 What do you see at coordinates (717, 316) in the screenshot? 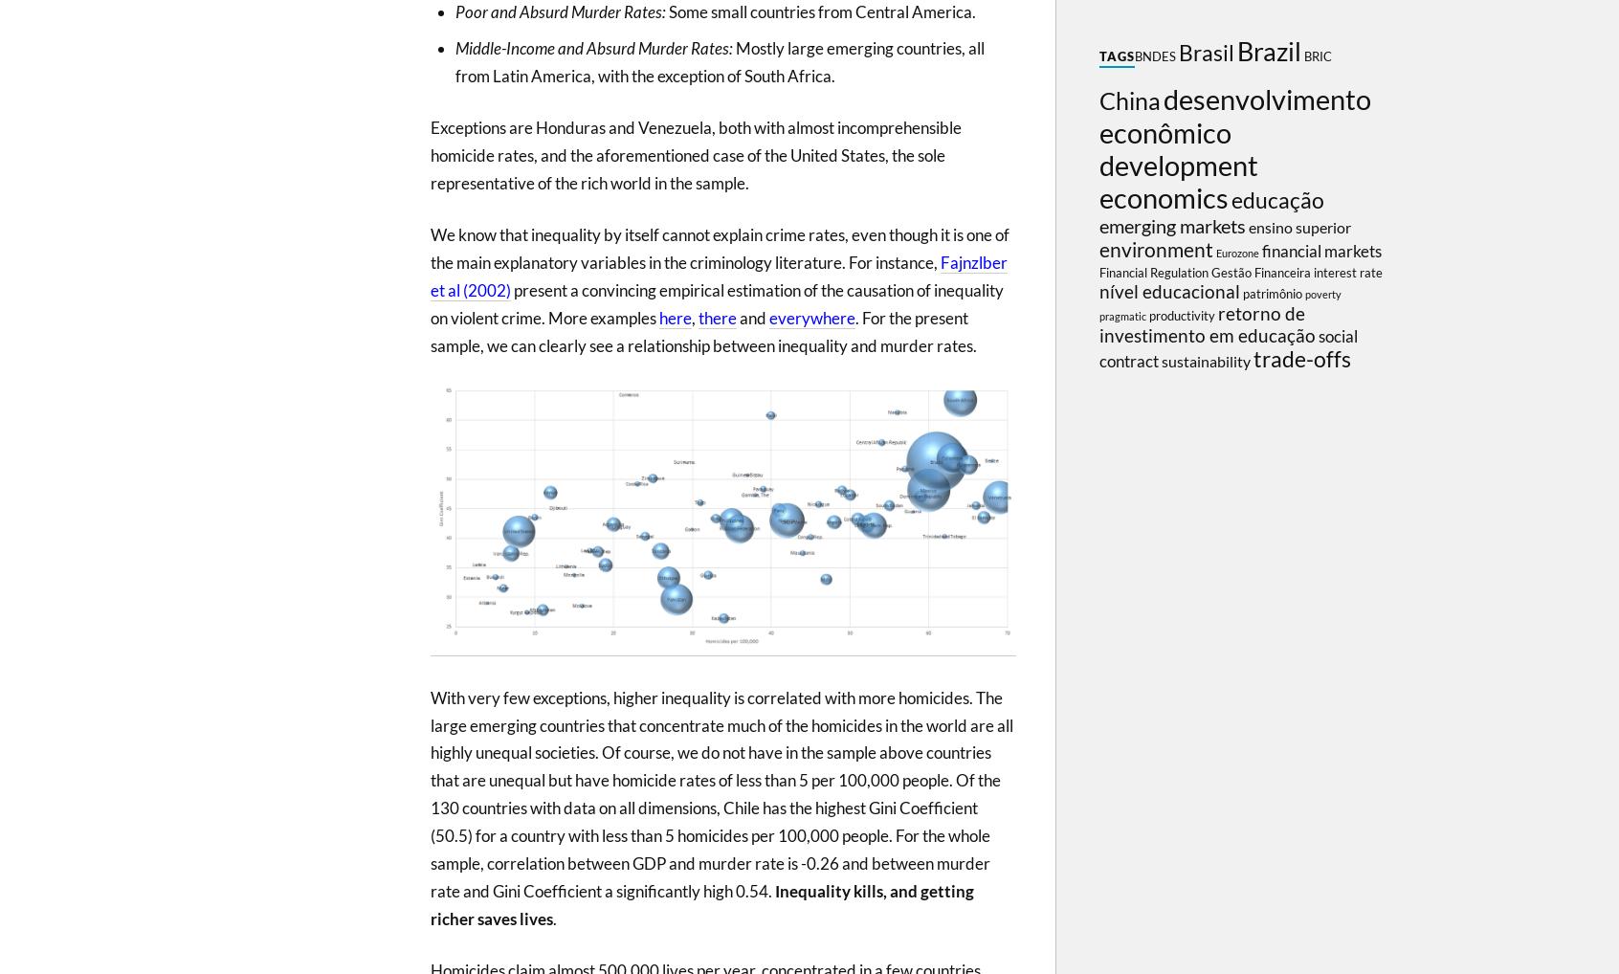
I see `'there'` at bounding box center [717, 316].